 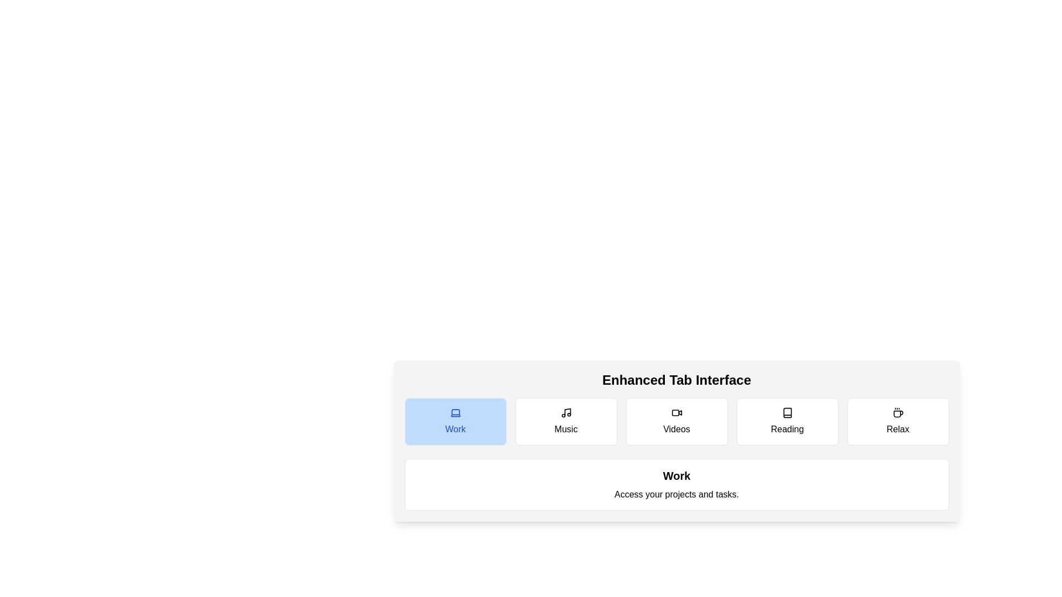 I want to click on the tab button labeled Relax to observe its hover effect, so click(x=898, y=422).